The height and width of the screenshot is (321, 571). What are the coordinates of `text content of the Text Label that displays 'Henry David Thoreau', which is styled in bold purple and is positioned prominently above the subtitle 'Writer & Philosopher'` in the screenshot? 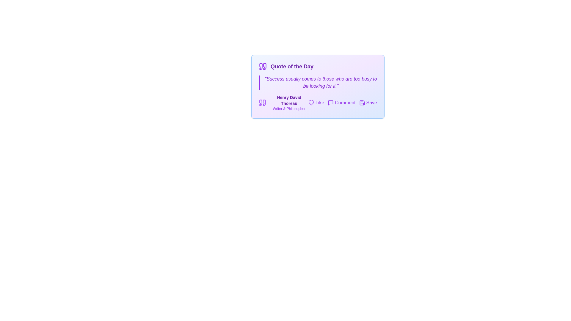 It's located at (289, 100).